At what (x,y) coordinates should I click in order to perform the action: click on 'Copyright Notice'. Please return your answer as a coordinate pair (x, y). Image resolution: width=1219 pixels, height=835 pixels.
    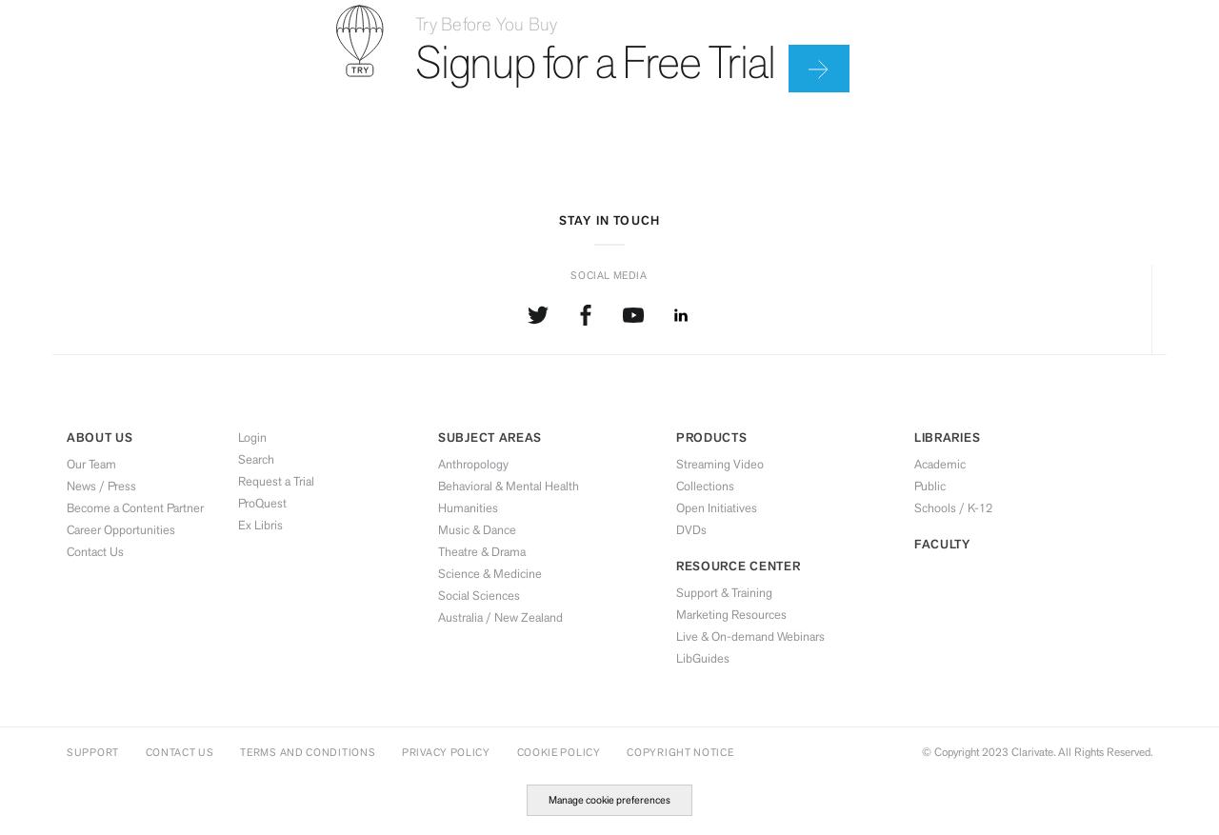
    Looking at the image, I should click on (679, 750).